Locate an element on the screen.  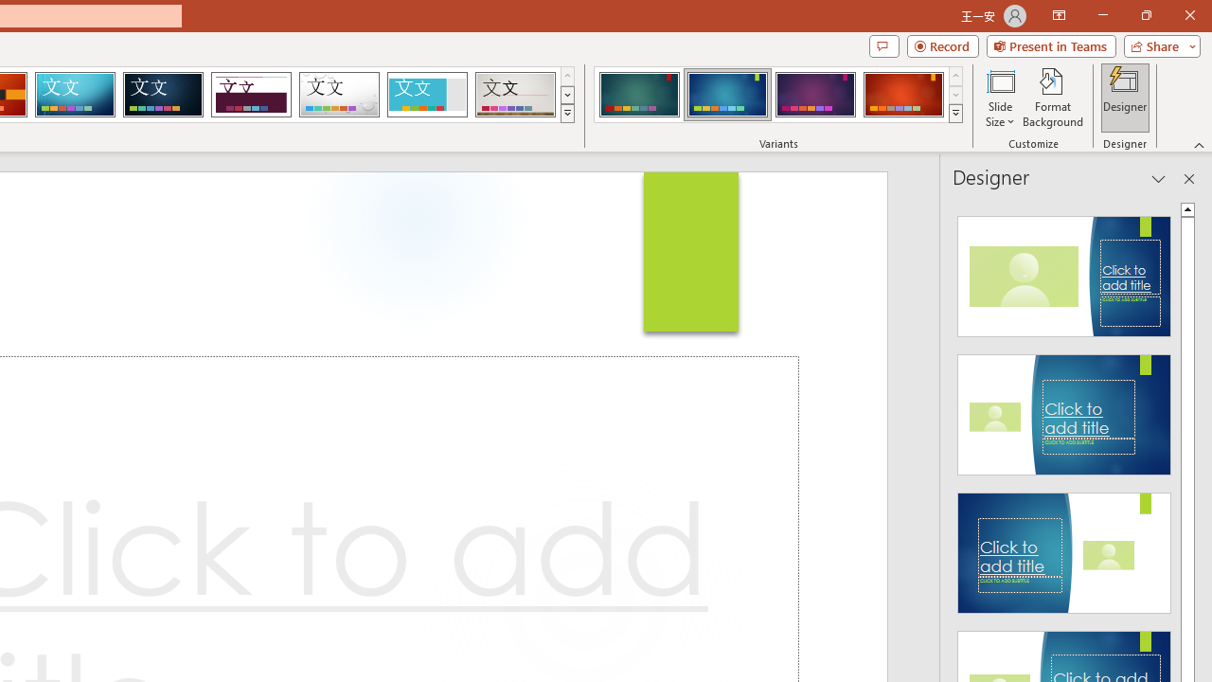
'Dividend Loading Preview...' is located at coordinates (250, 95).